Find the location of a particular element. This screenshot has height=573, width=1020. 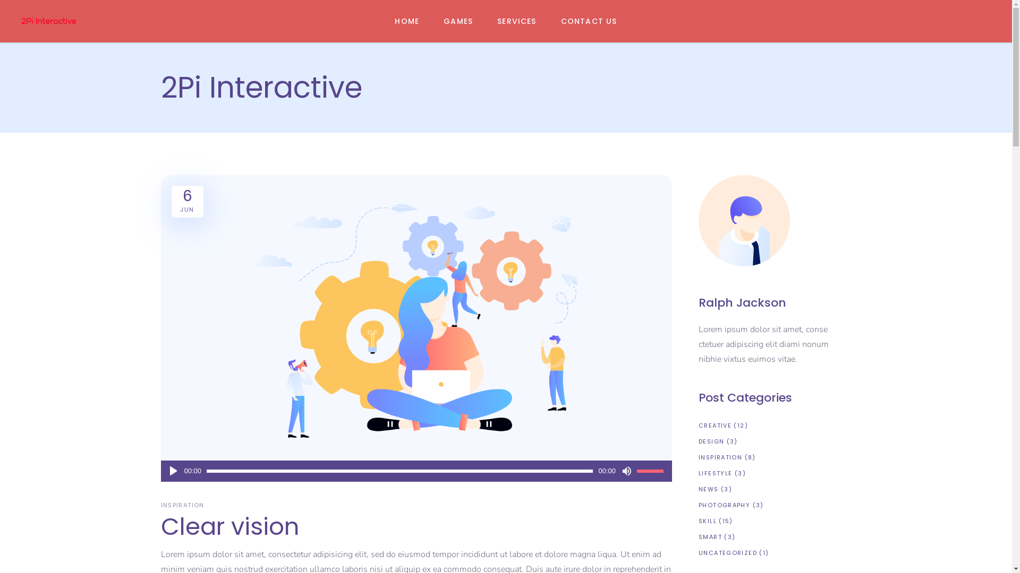

'Mute' is located at coordinates (626, 470).